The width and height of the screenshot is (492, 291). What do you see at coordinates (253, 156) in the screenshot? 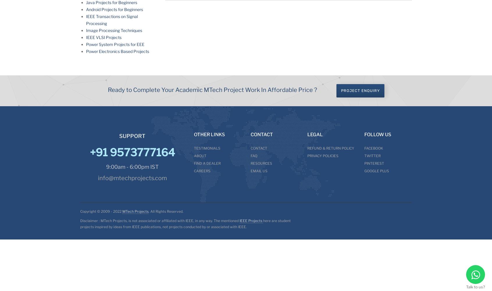
I see `'FAQ'` at bounding box center [253, 156].